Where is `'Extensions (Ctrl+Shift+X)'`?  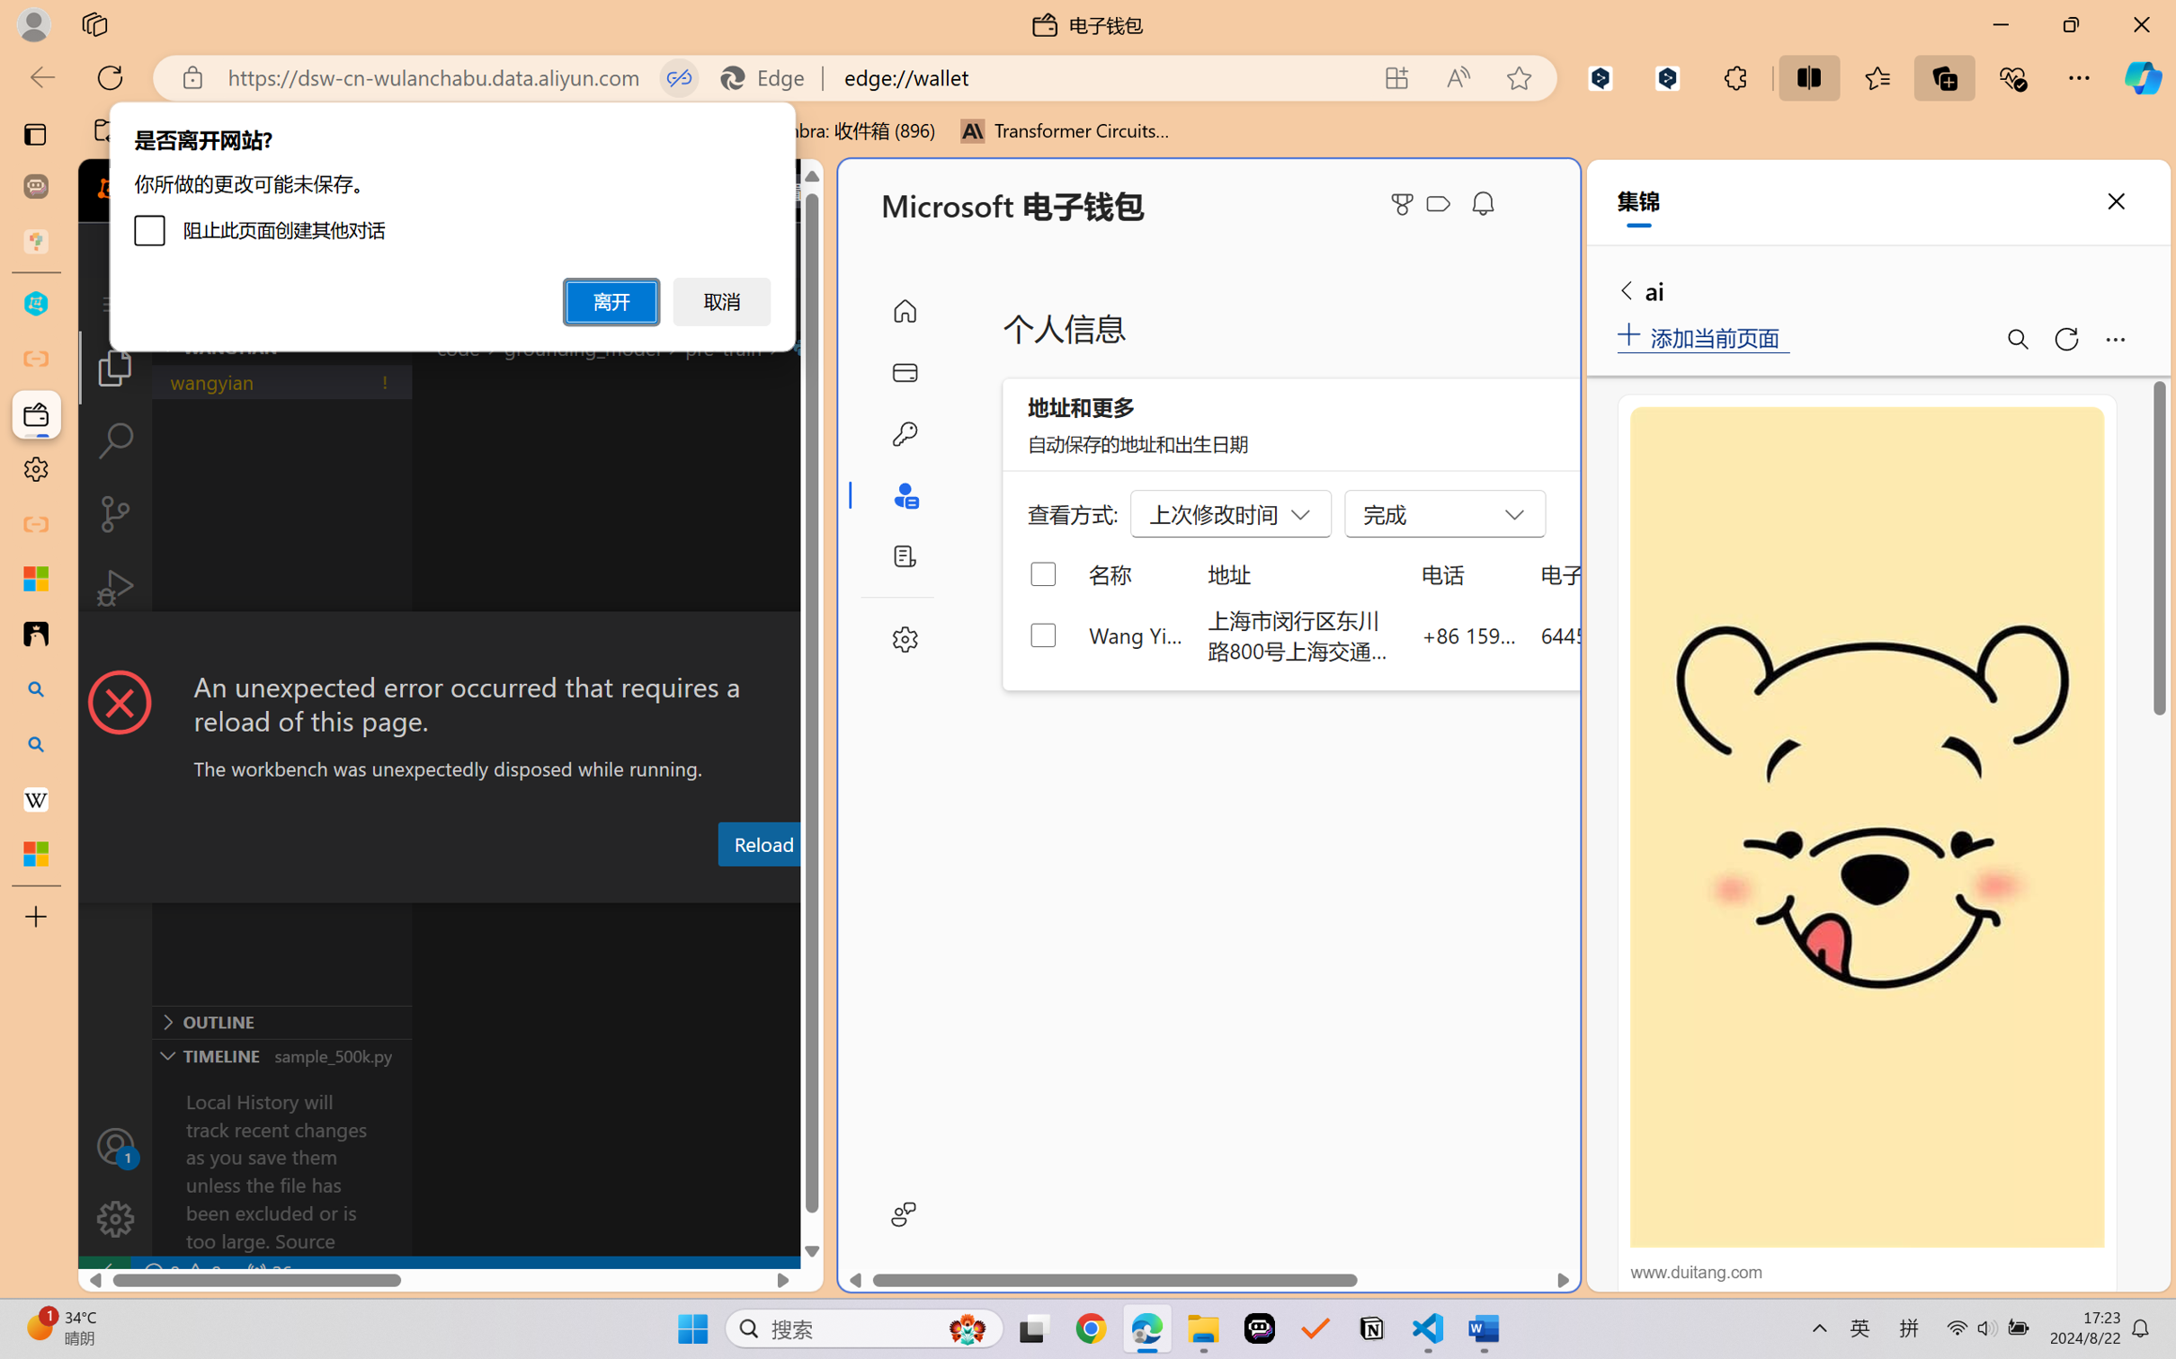
'Extensions (Ctrl+Shift+X)' is located at coordinates (114, 661).